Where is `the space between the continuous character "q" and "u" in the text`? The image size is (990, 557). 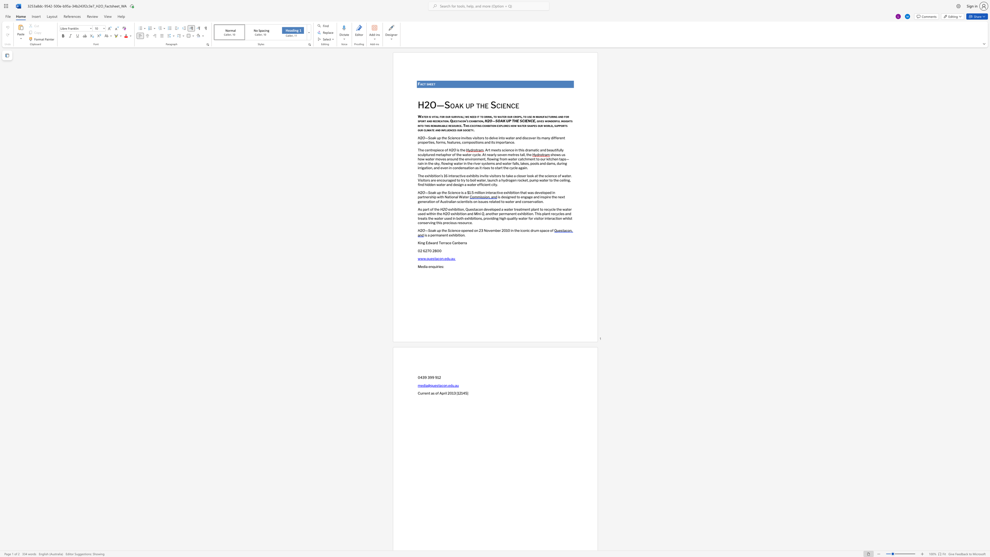
the space between the continuous character "q" and "u" in the text is located at coordinates (434, 266).